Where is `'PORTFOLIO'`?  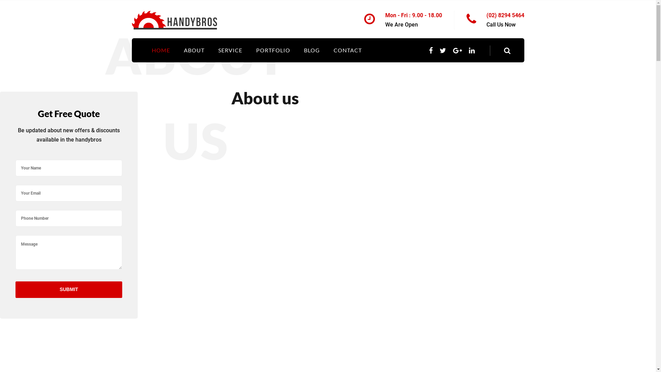
'PORTFOLIO' is located at coordinates (273, 50).